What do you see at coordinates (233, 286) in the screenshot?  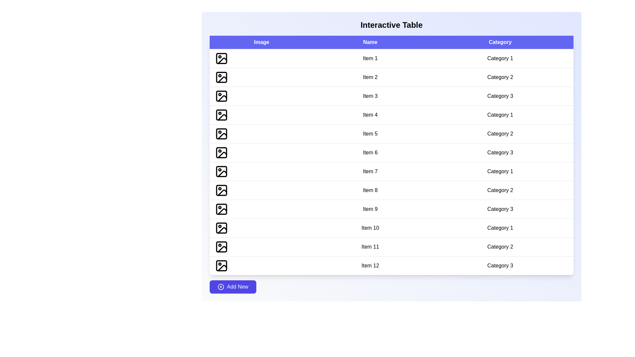 I see `the 'Add New' button to initiate adding a new item` at bounding box center [233, 286].